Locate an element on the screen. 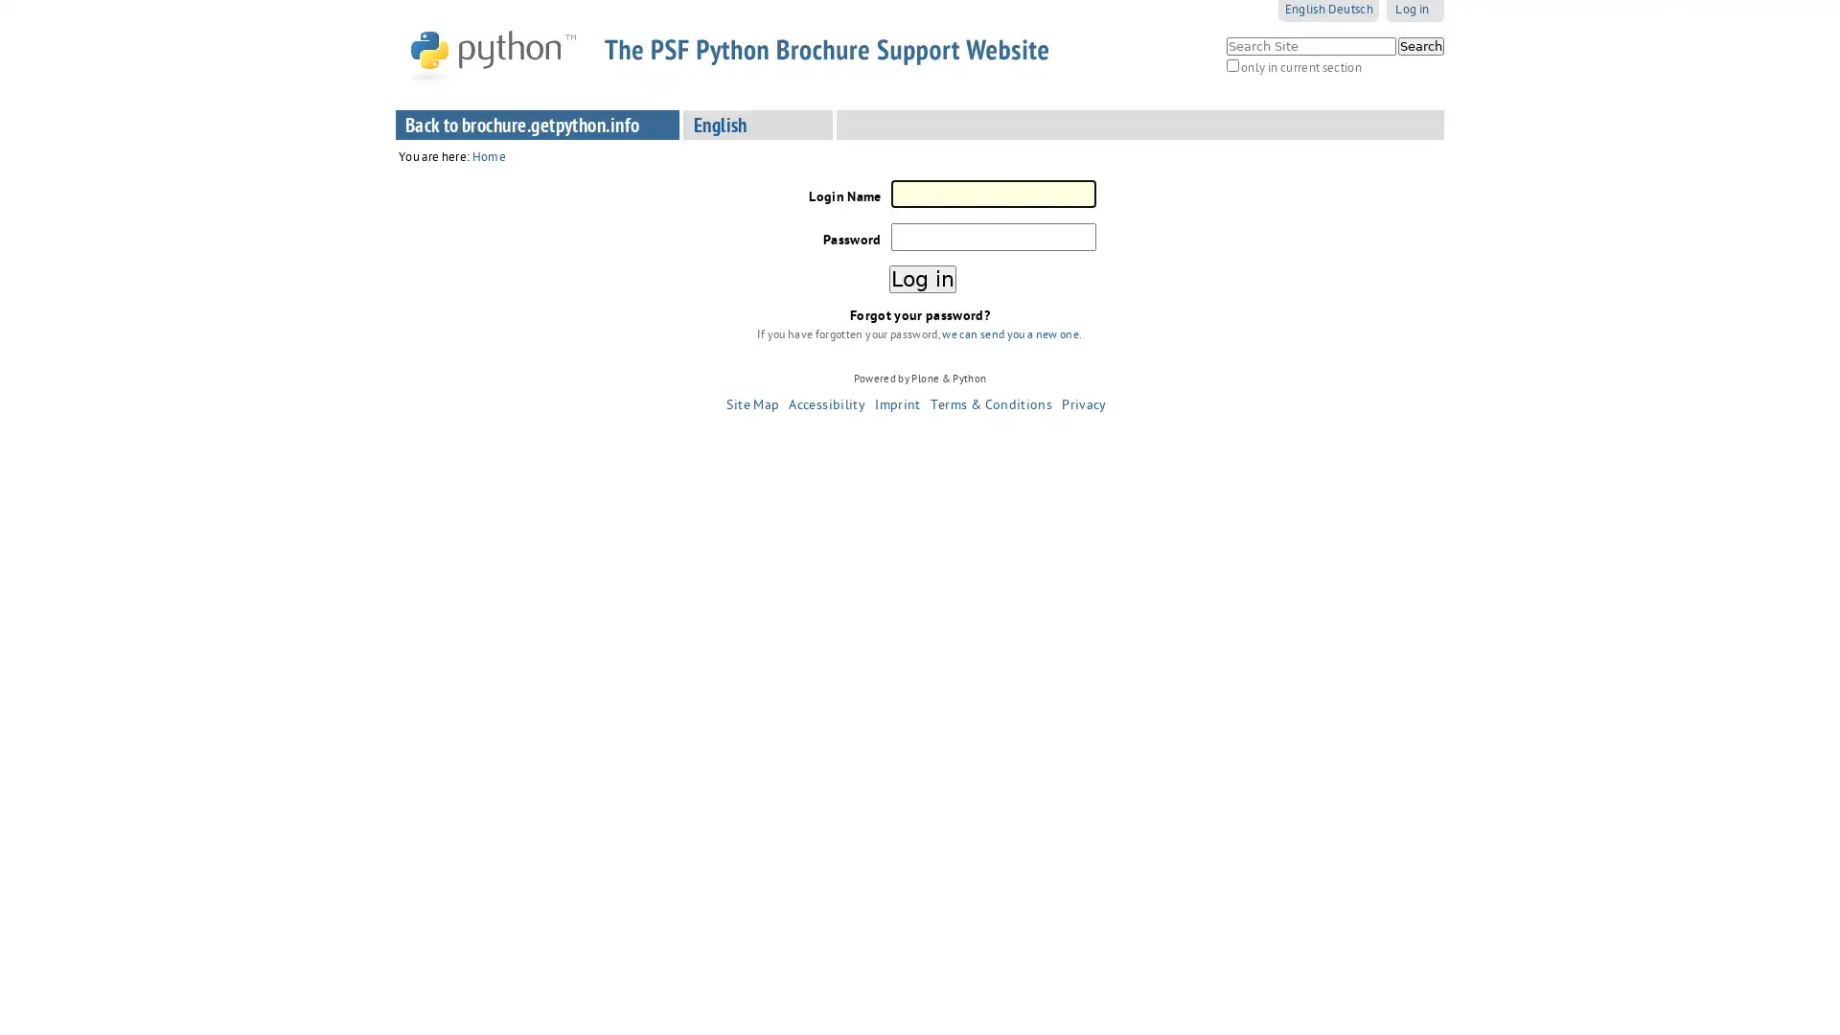 Image resolution: width=1840 pixels, height=1035 pixels. Search is located at coordinates (1421, 44).